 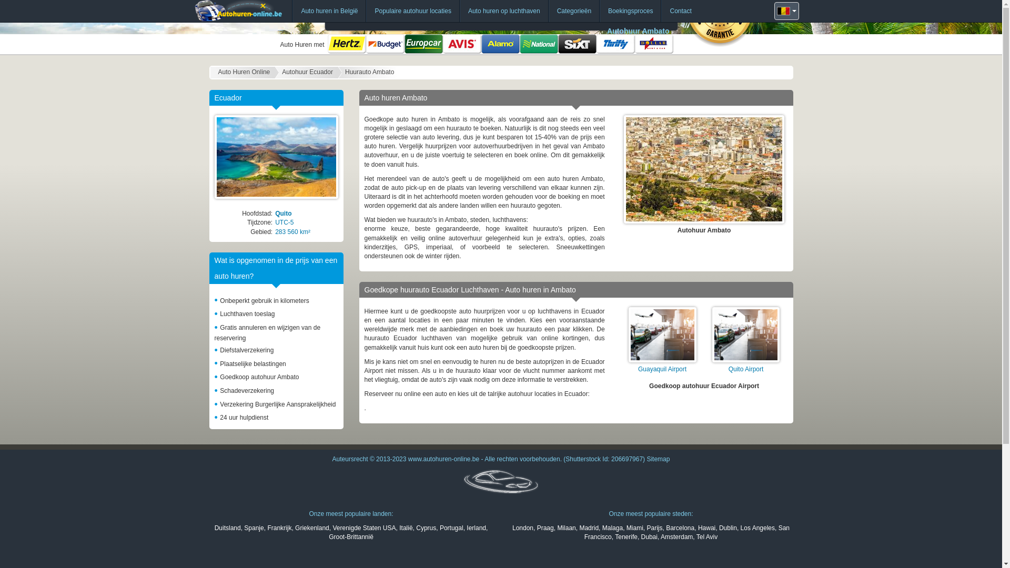 What do you see at coordinates (307, 72) in the screenshot?
I see `'Autohuur Ecuador'` at bounding box center [307, 72].